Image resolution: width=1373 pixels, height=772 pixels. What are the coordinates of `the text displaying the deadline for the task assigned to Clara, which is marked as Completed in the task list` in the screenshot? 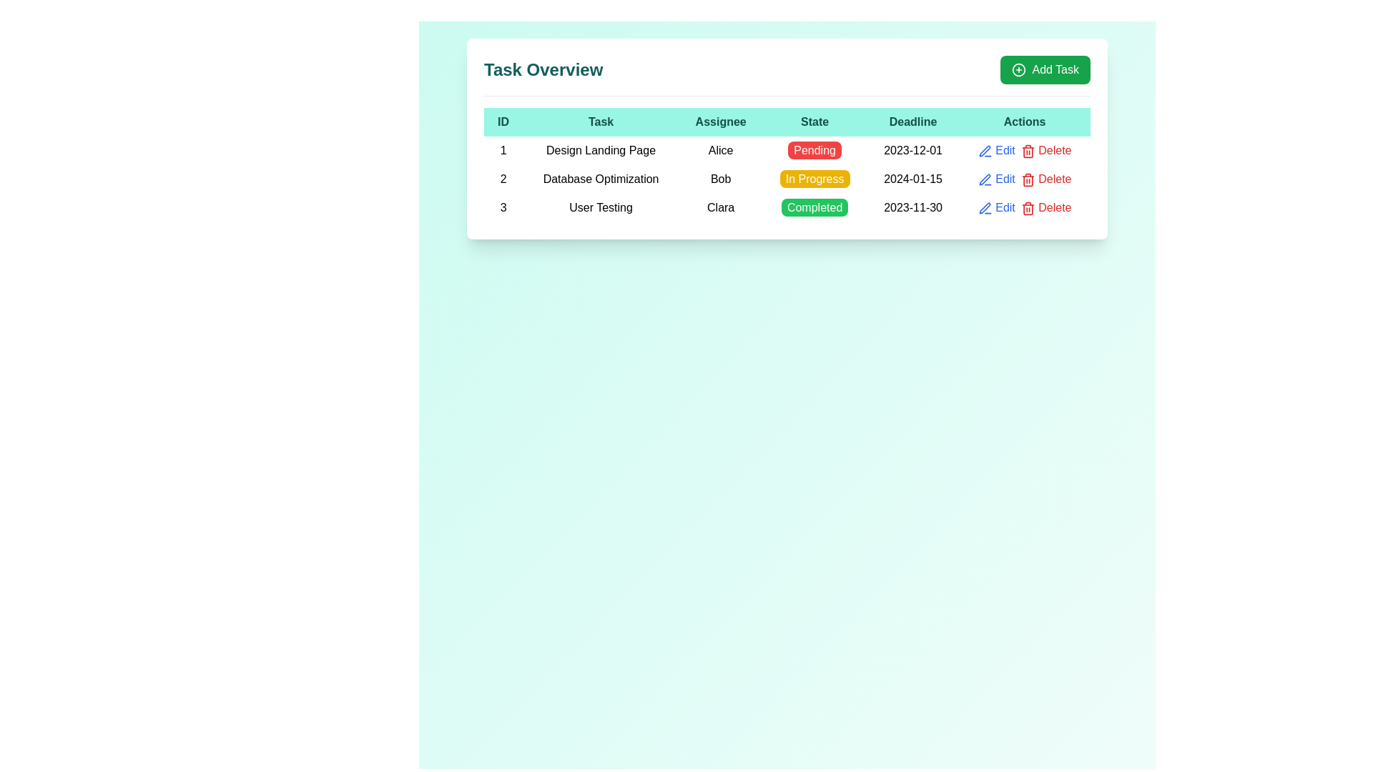 It's located at (912, 207).